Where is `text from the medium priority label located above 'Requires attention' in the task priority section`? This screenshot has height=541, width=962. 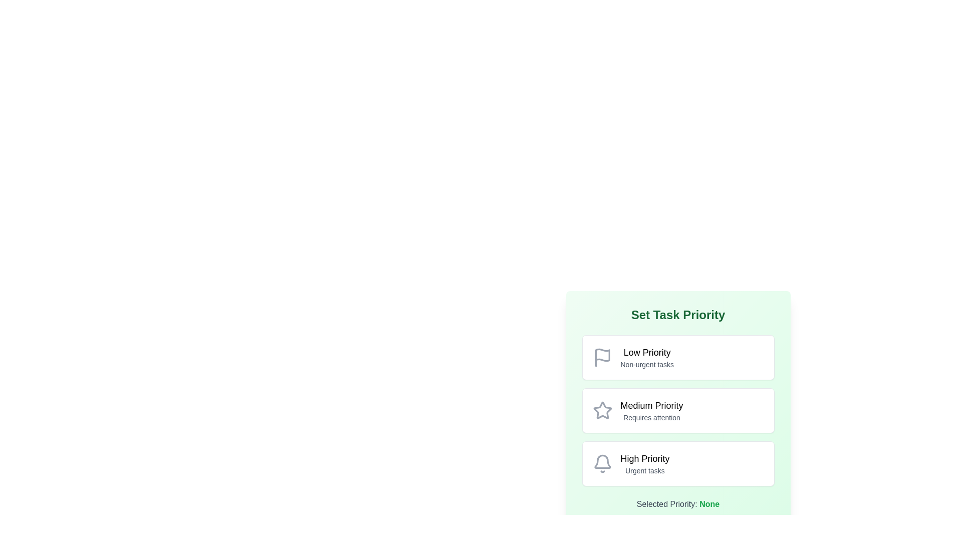
text from the medium priority label located above 'Requires attention' in the task priority section is located at coordinates (651, 406).